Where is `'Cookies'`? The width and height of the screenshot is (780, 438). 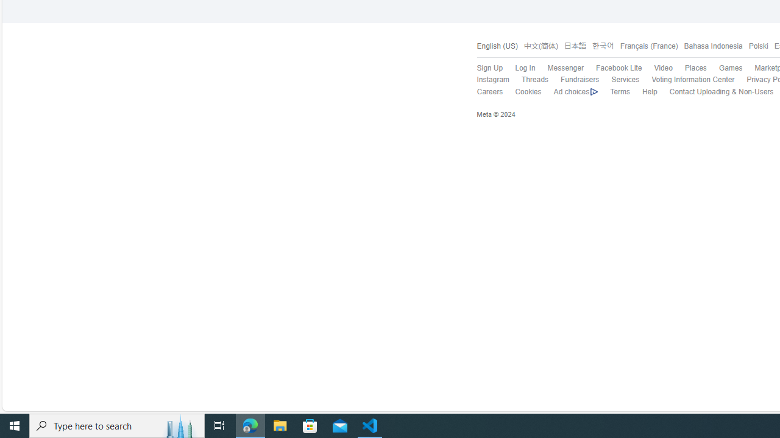 'Cookies' is located at coordinates (528, 91).